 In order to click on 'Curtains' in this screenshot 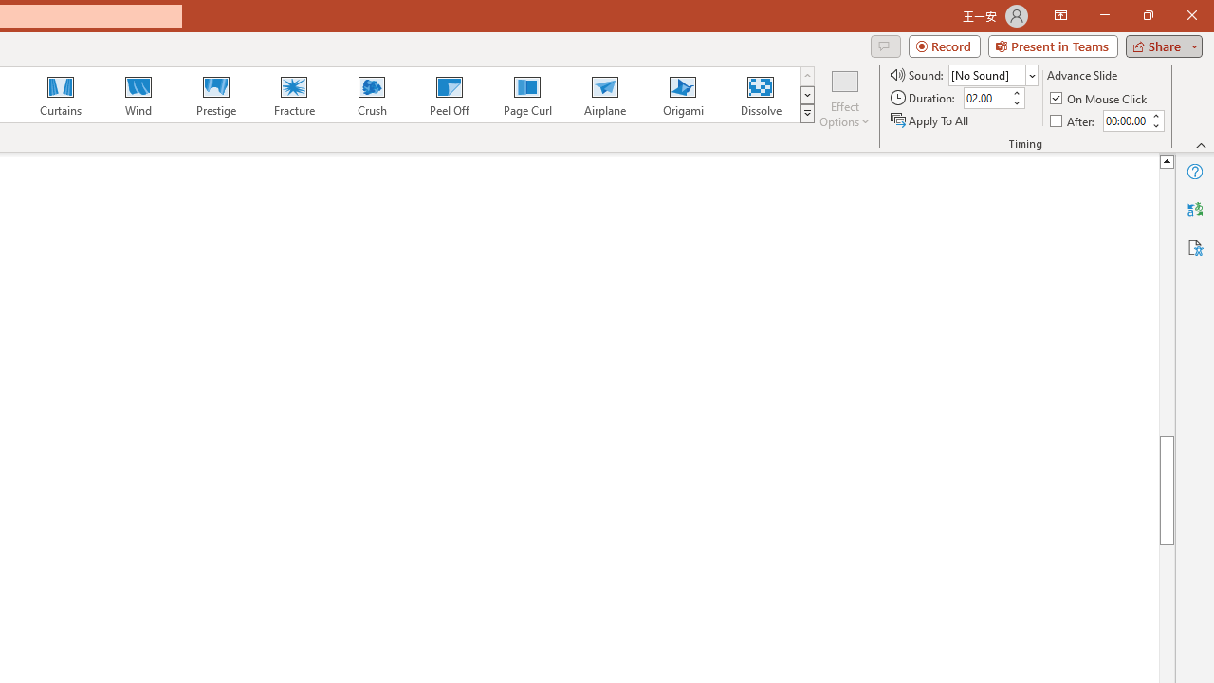, I will do `click(61, 95)`.